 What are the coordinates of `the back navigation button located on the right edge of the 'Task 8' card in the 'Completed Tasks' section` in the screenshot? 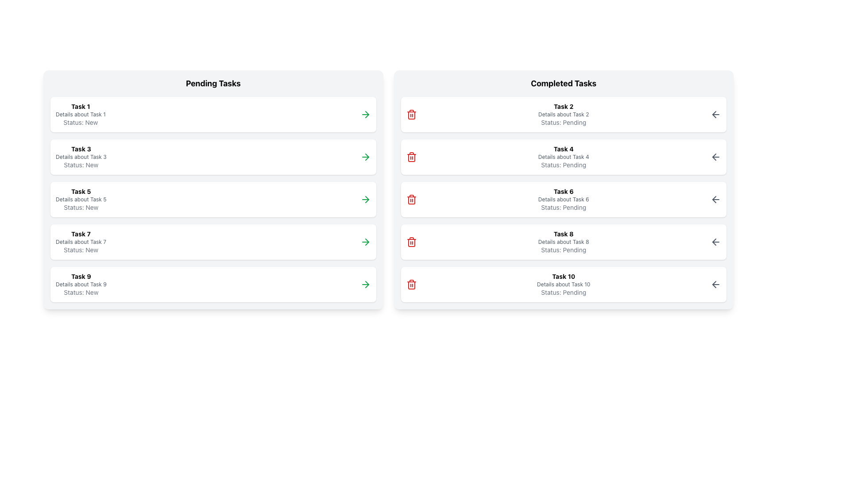 It's located at (716, 242).